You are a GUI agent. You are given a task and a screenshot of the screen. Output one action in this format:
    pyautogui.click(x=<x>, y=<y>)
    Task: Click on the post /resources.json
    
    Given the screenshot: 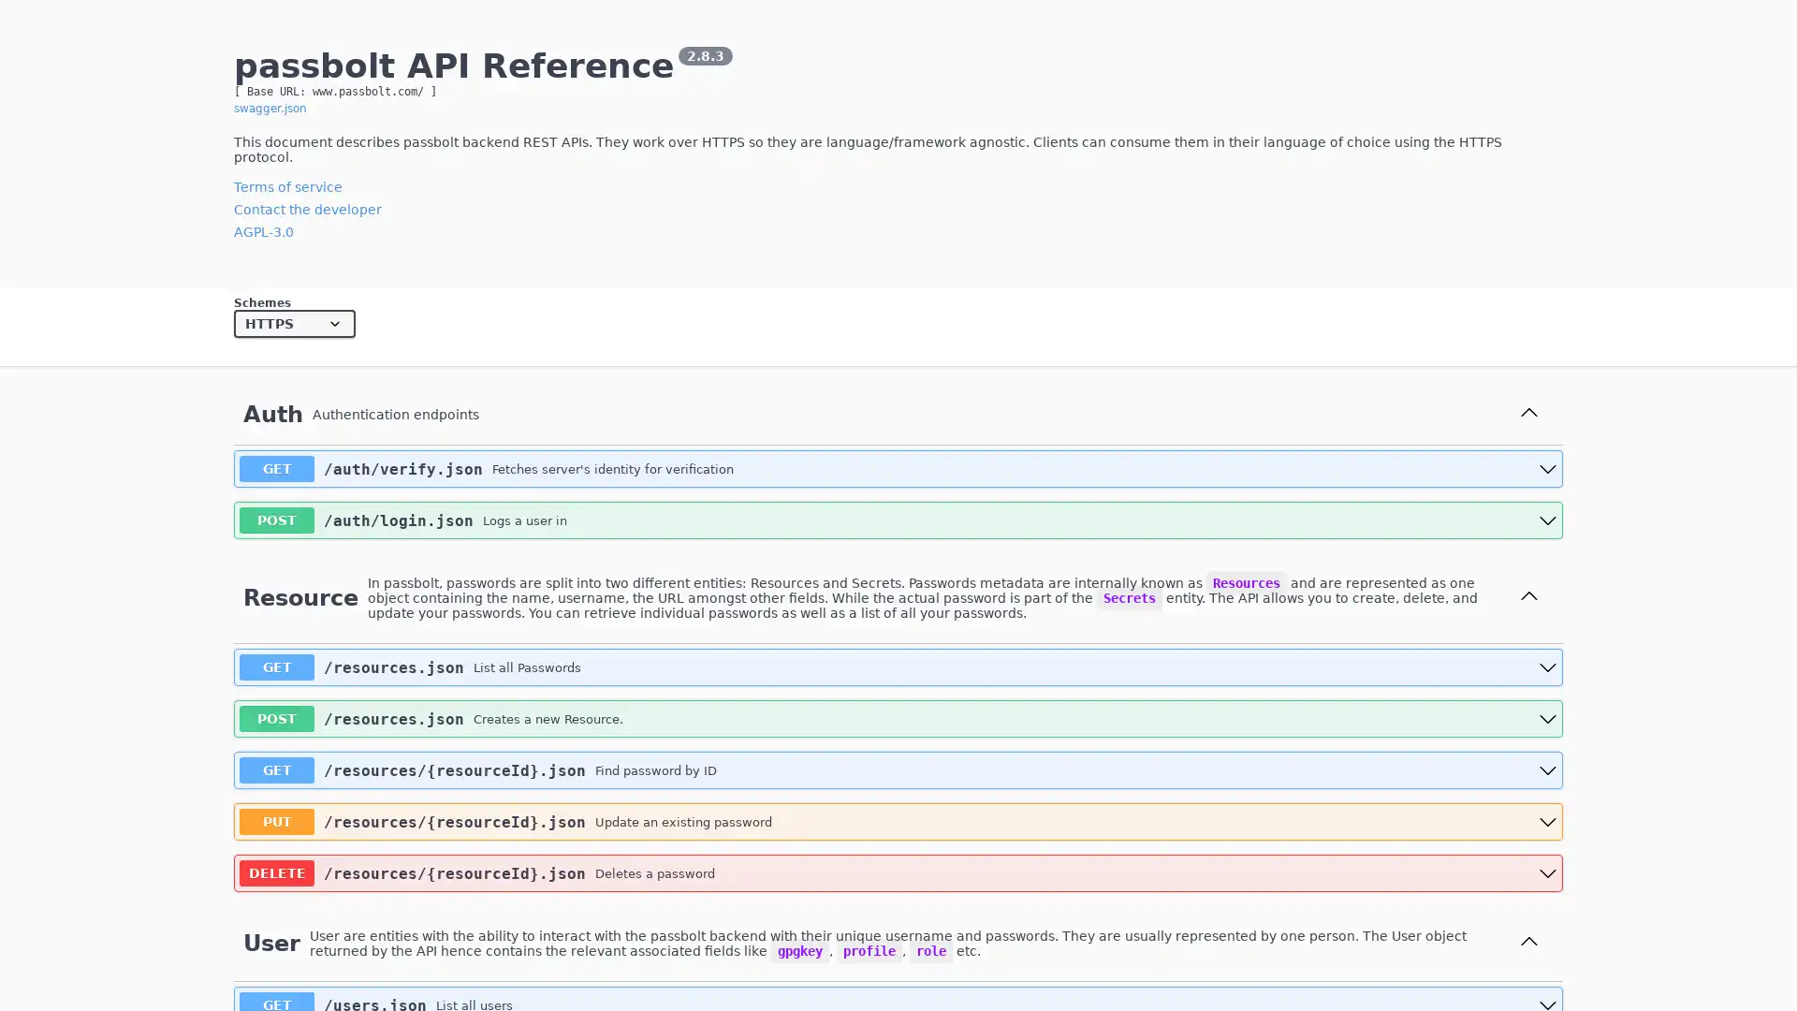 What is the action you would take?
    pyautogui.click(x=898, y=717)
    